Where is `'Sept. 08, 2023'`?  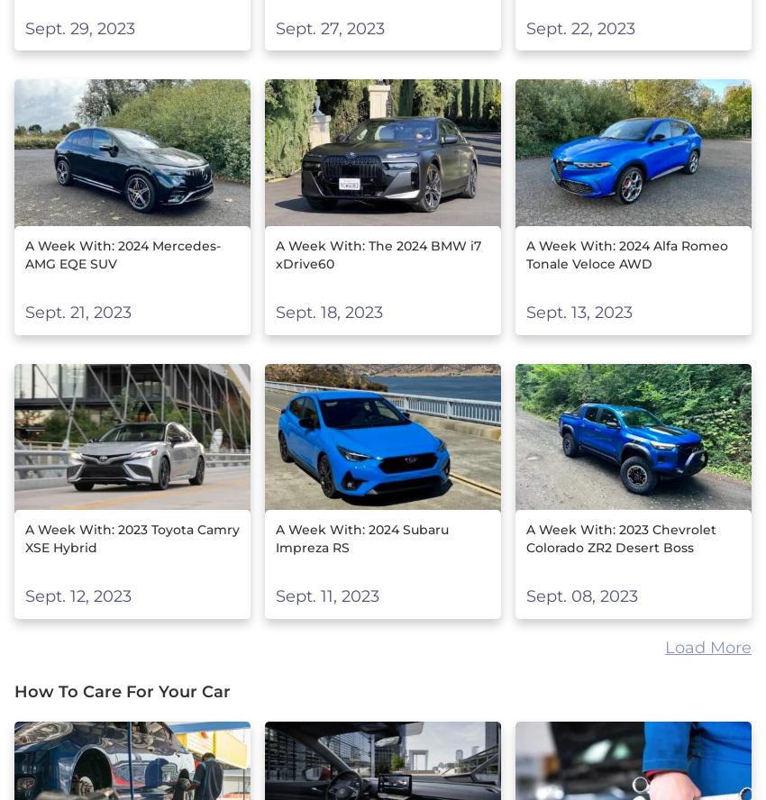 'Sept. 08, 2023' is located at coordinates (525, 595).